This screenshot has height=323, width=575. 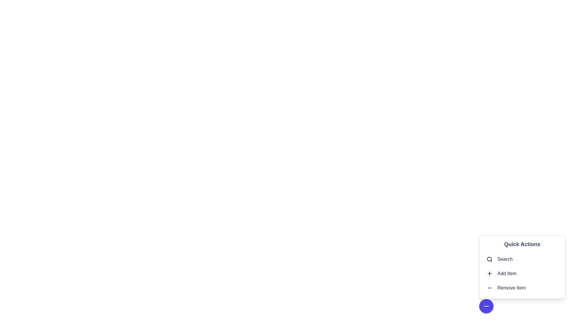 What do you see at coordinates (490, 288) in the screenshot?
I see `the 'Remove Item' button located in the 'Quick Actions' menu, which contains a small minus sign icon` at bounding box center [490, 288].